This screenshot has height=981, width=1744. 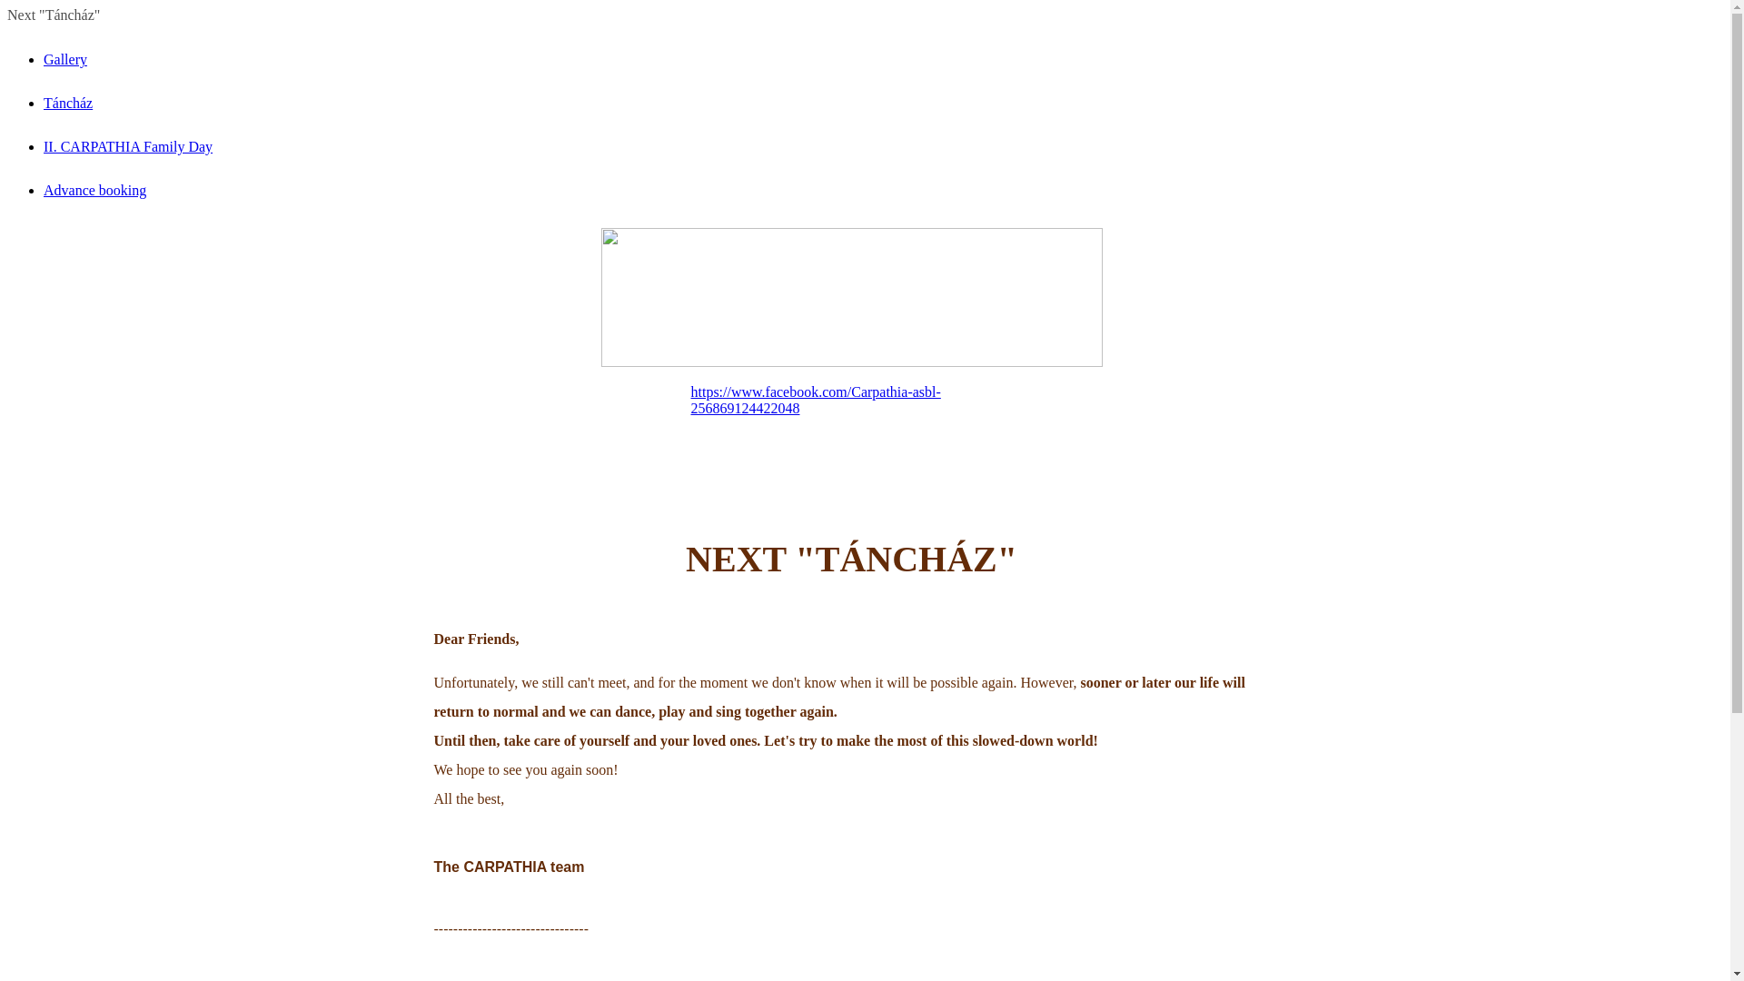 What do you see at coordinates (94, 190) in the screenshot?
I see `'Advance booking'` at bounding box center [94, 190].